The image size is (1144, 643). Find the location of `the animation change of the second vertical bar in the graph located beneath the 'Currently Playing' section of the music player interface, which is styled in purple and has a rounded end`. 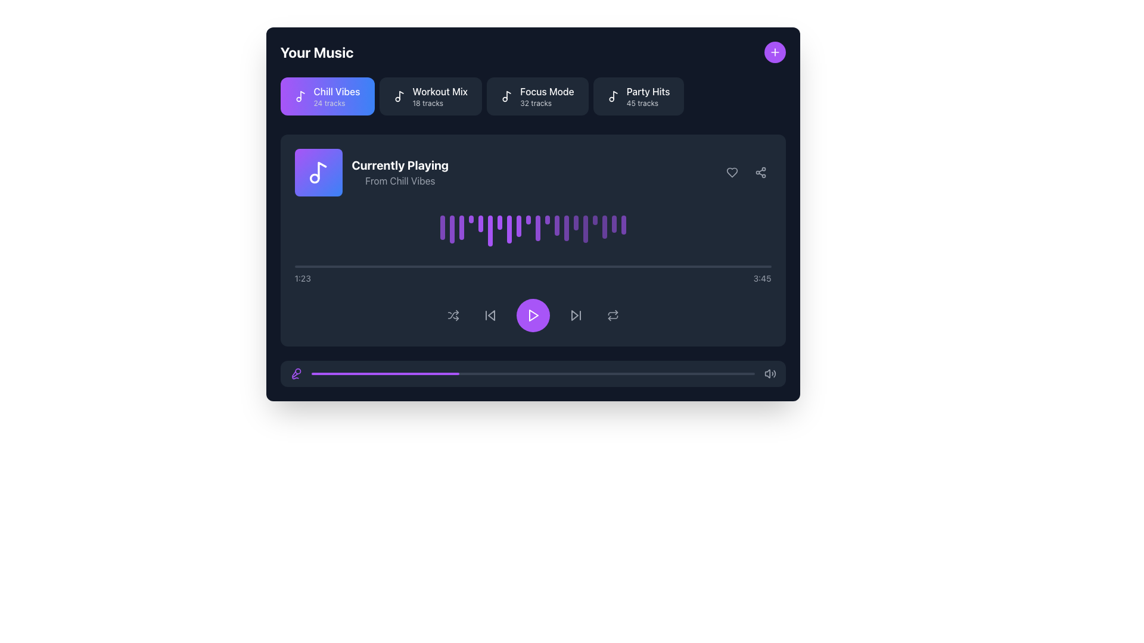

the animation change of the second vertical bar in the graph located beneath the 'Currently Playing' section of the music player interface, which is styled in purple and has a rounded end is located at coordinates (451, 229).